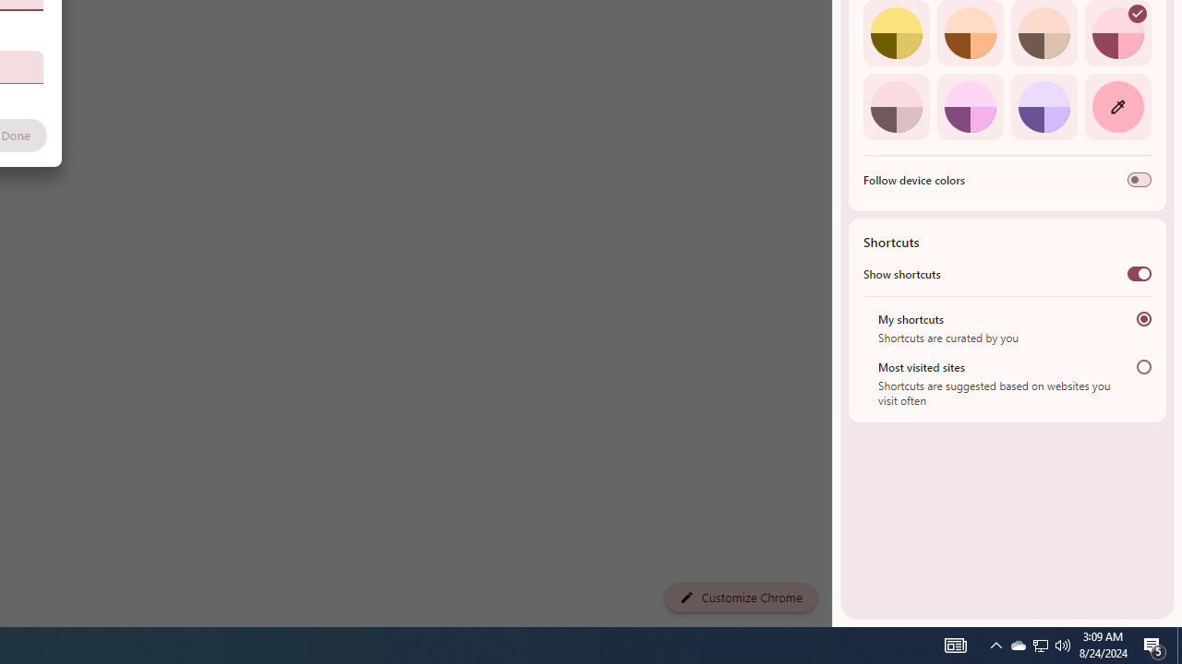  What do you see at coordinates (1116, 106) in the screenshot?
I see `'Custom color'` at bounding box center [1116, 106].